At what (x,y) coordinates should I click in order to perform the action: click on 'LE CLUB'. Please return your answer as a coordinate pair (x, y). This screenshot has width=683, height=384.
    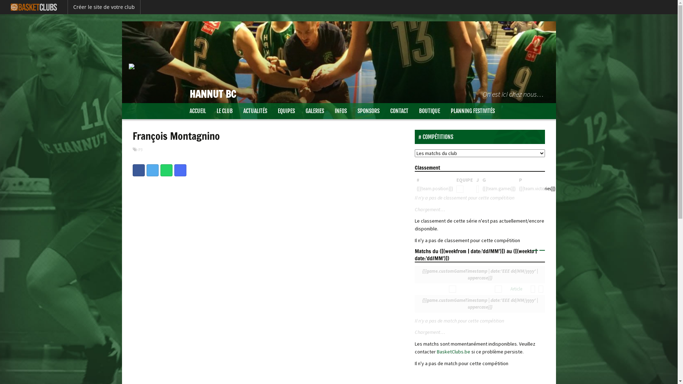
    Looking at the image, I should click on (224, 111).